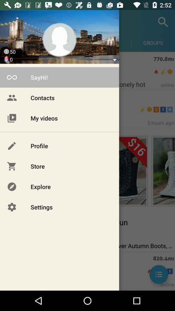 The image size is (175, 311). Describe the element at coordinates (158, 274) in the screenshot. I see `the list icon` at that location.